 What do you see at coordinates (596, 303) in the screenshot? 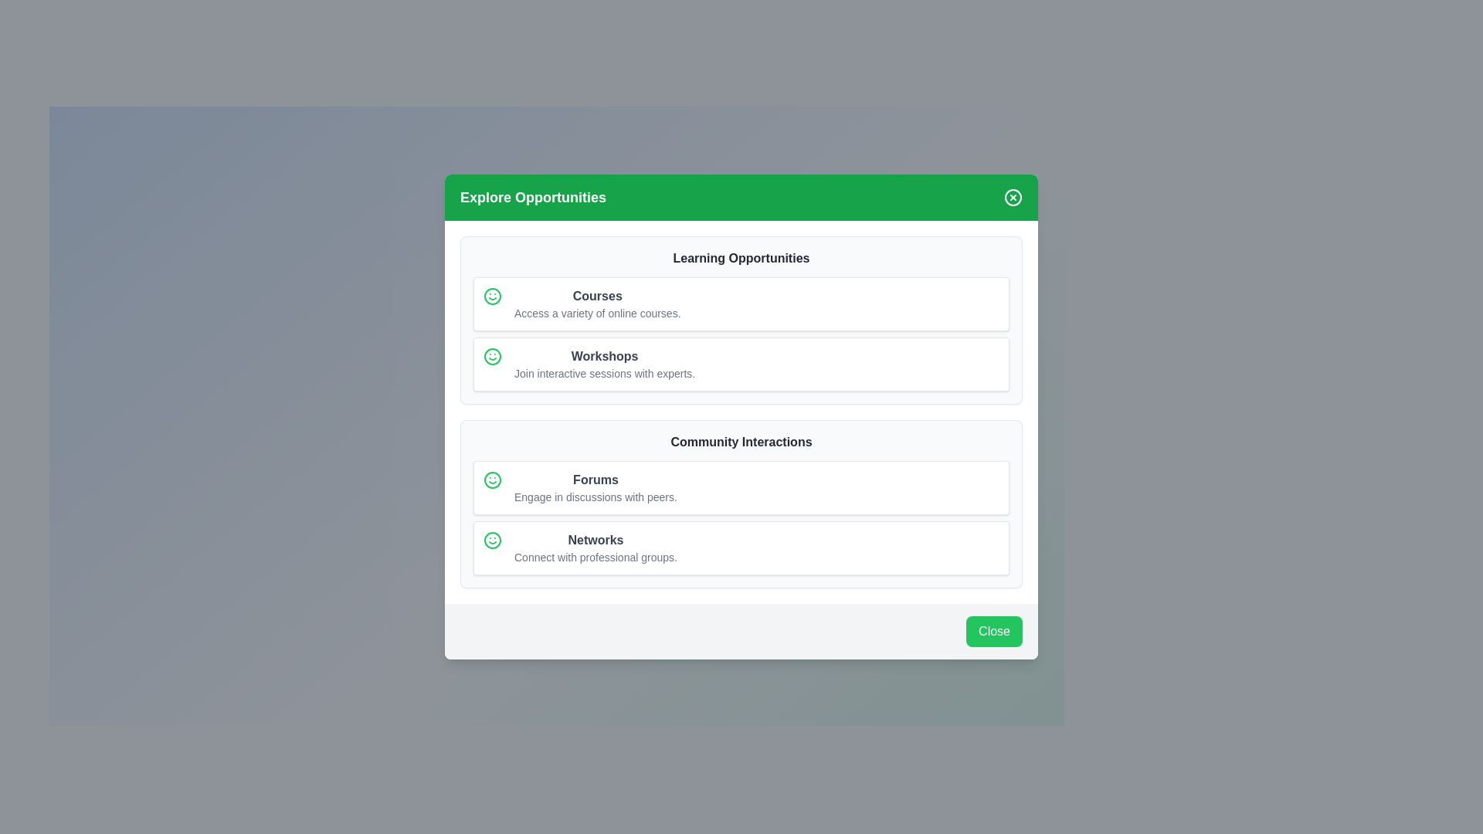
I see `the 'Courses' text block, which features a bold title and a description regarding online courses, located in the upper section of the modal under 'Learning Opportunities'` at bounding box center [596, 303].